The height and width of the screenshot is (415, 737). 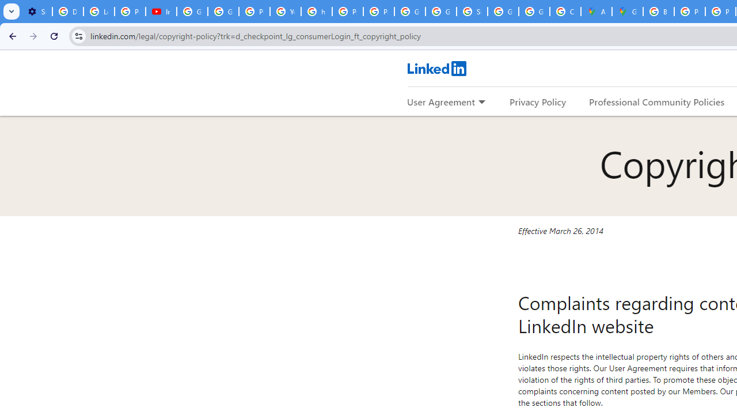 What do you see at coordinates (37, 12) in the screenshot?
I see `'Settings - Customize profile'` at bounding box center [37, 12].